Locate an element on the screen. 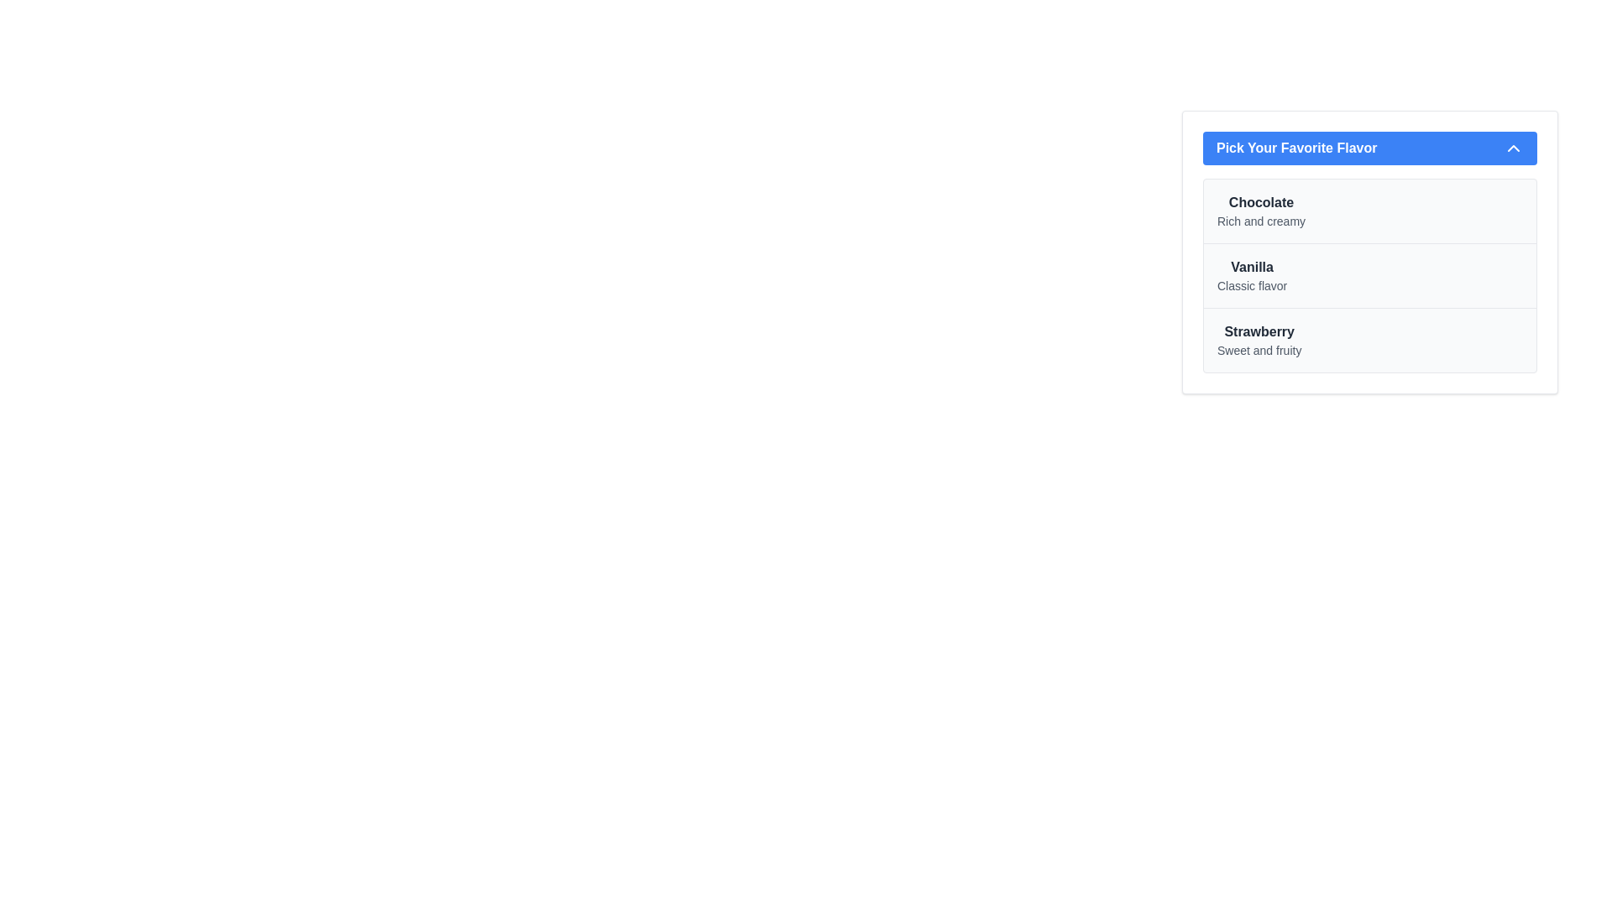 The image size is (1612, 906). the text label 'Chocolate', which is styled as a bold title and is the first selectable option in the list under the selection box titled 'Pick Your Favorite Flavor' is located at coordinates (1261, 202).